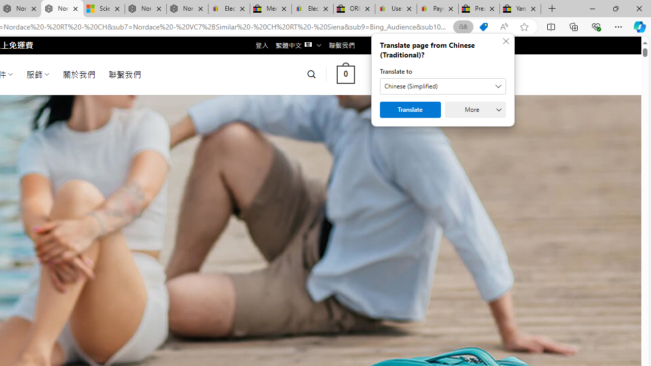  Describe the element at coordinates (475, 110) in the screenshot. I see `'More'` at that location.